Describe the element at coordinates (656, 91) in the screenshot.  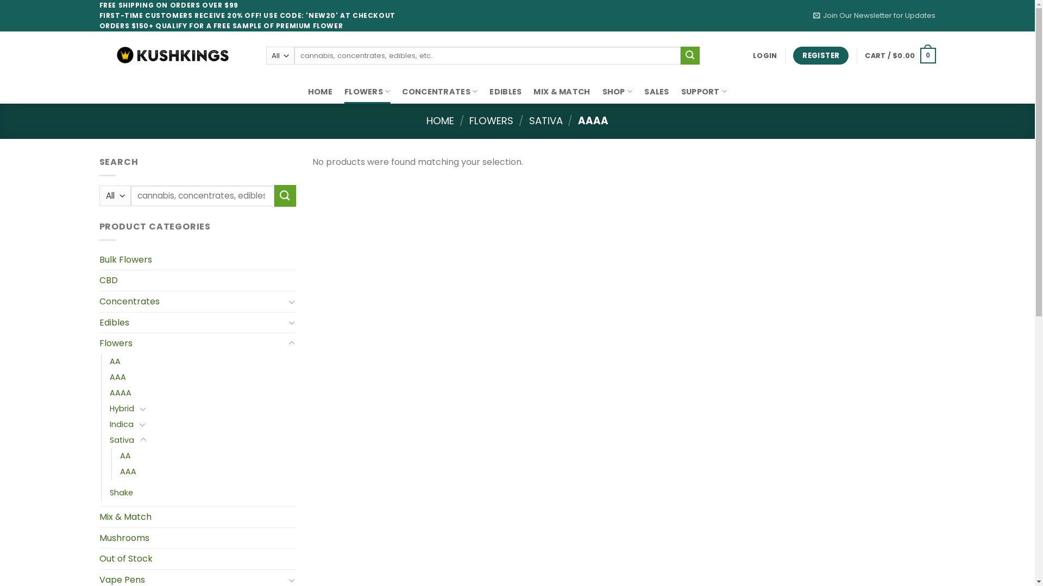
I see `'SALES'` at that location.